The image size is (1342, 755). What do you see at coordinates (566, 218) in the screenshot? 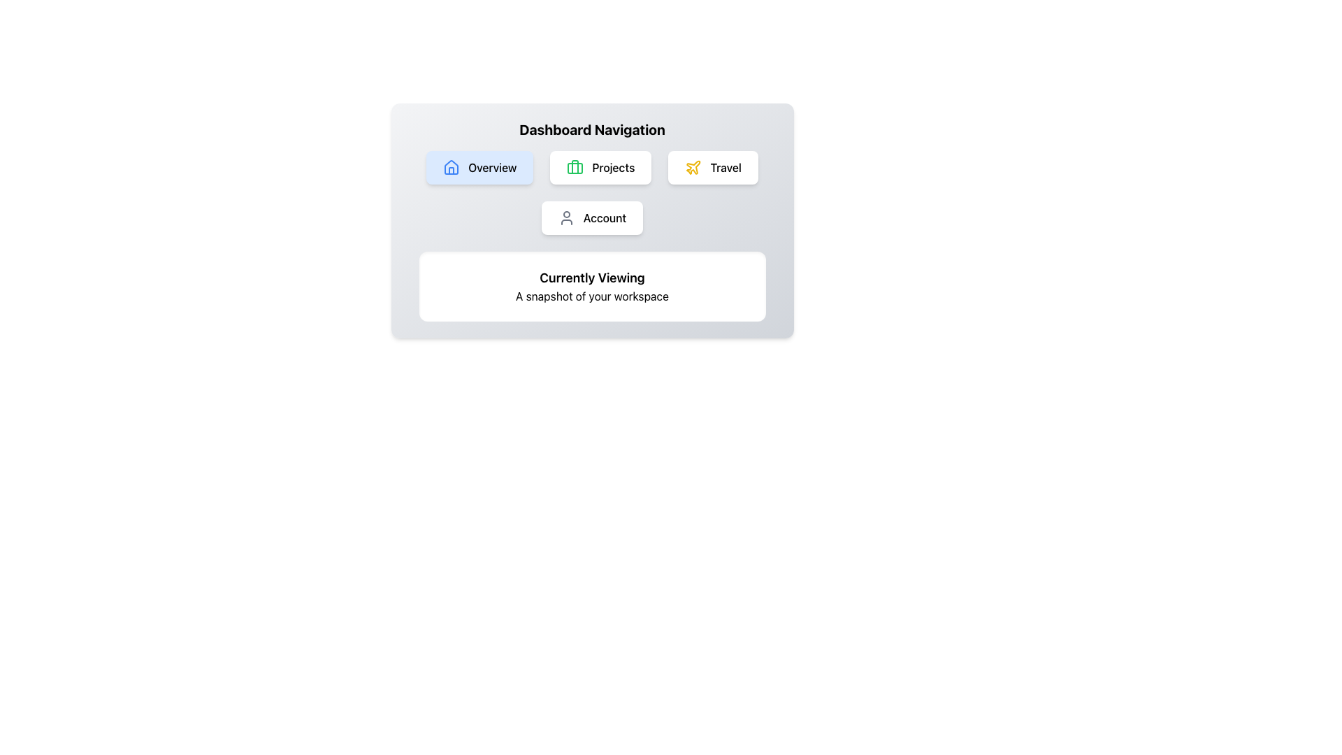
I see `the 'Account' button which contains a minimalistic gray user icon on the left side of the button labeled 'Account'` at bounding box center [566, 218].